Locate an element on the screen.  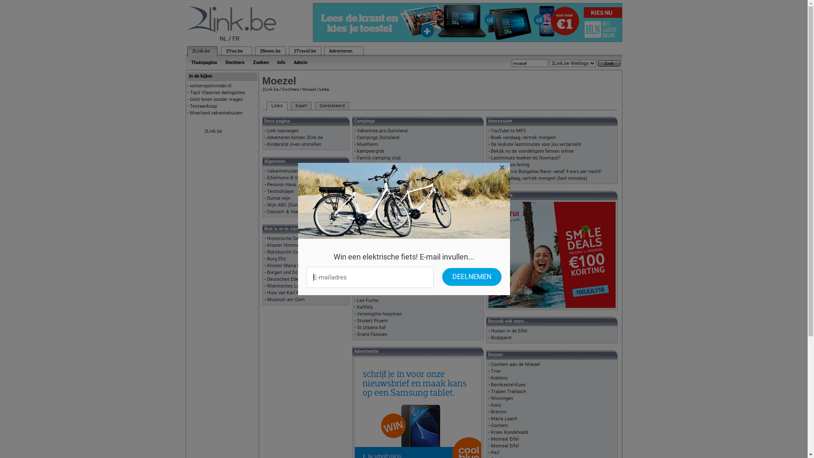
'2You.be' is located at coordinates (234, 51).